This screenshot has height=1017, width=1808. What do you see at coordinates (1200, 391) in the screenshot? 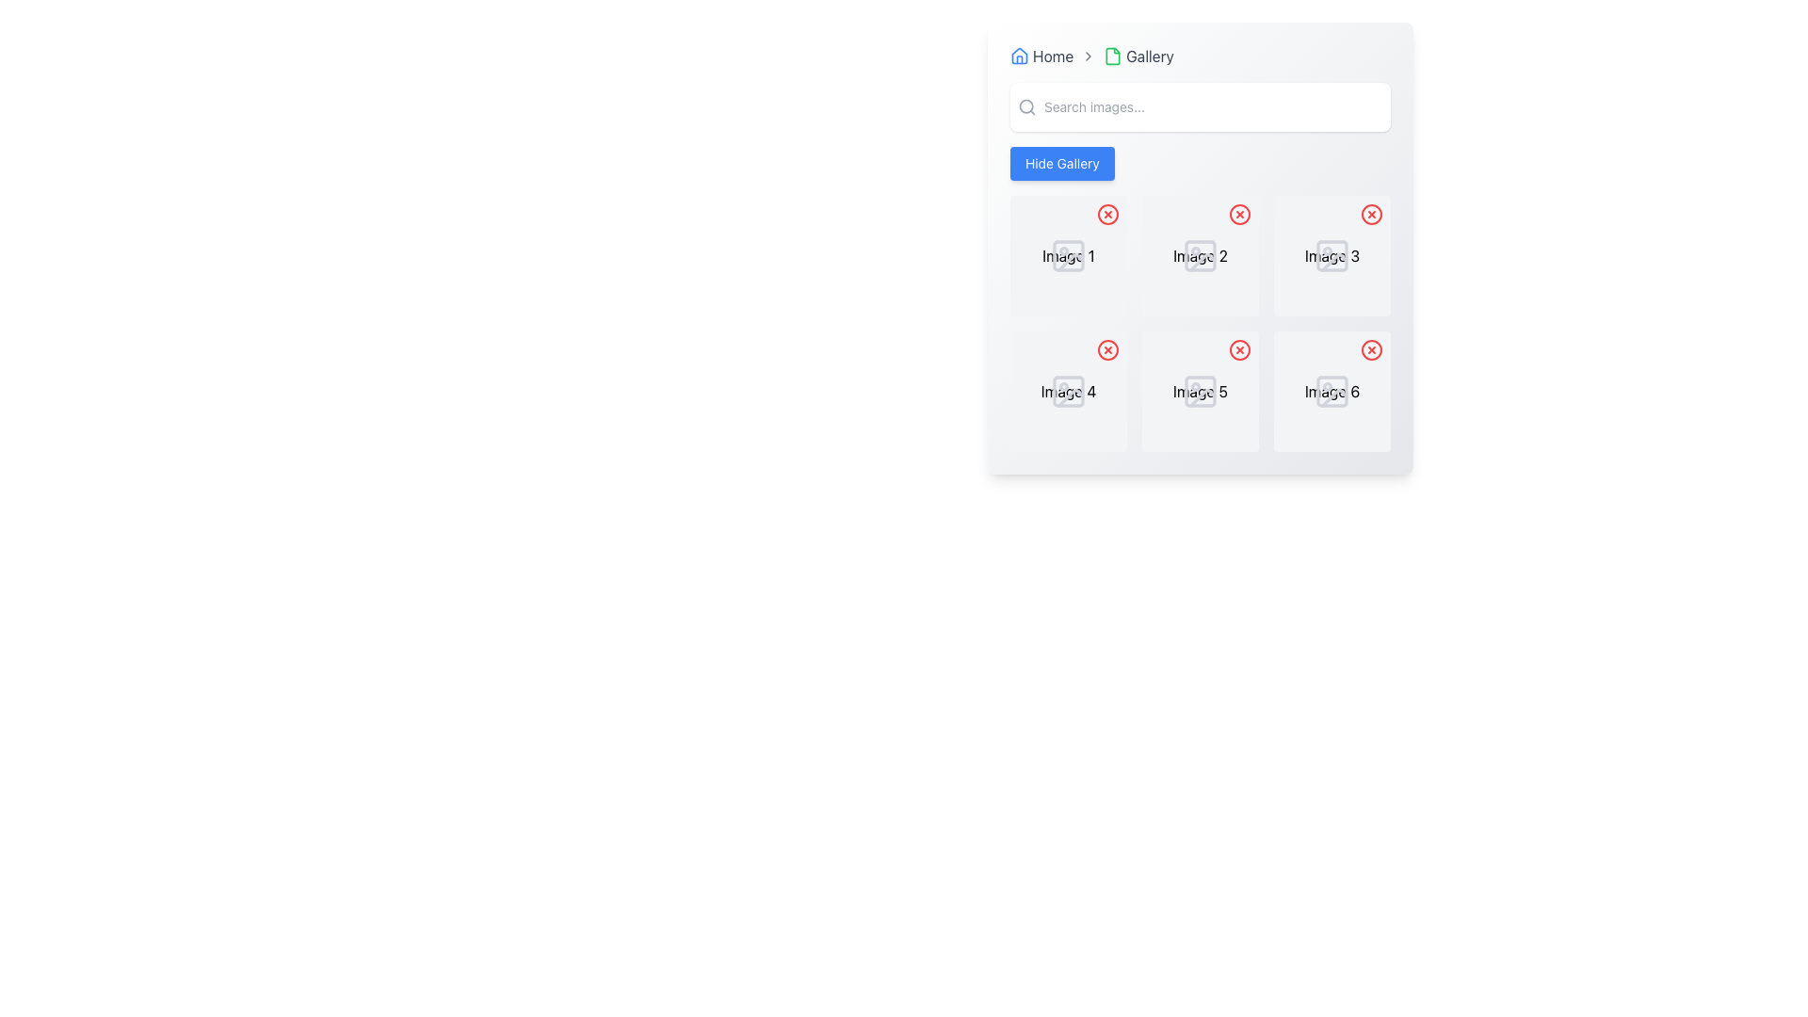
I see `the image placeholder labeled 'Image 5' located in the second row and second column of the gallery interface` at bounding box center [1200, 391].